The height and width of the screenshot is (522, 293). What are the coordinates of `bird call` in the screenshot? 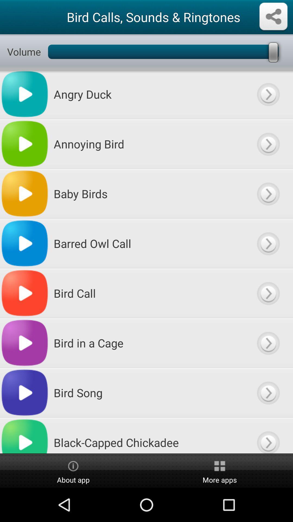 It's located at (268, 293).